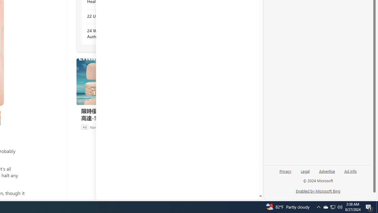  What do you see at coordinates (119, 34) in the screenshot?
I see `'24 Ways Phones Are Destroying Authentic Relationships'` at bounding box center [119, 34].